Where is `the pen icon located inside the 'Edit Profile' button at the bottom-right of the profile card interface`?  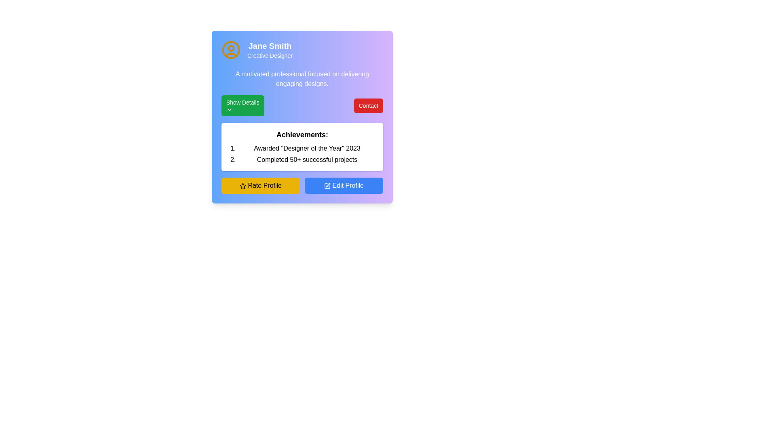 the pen icon located inside the 'Edit Profile' button at the bottom-right of the profile card interface is located at coordinates (327, 186).